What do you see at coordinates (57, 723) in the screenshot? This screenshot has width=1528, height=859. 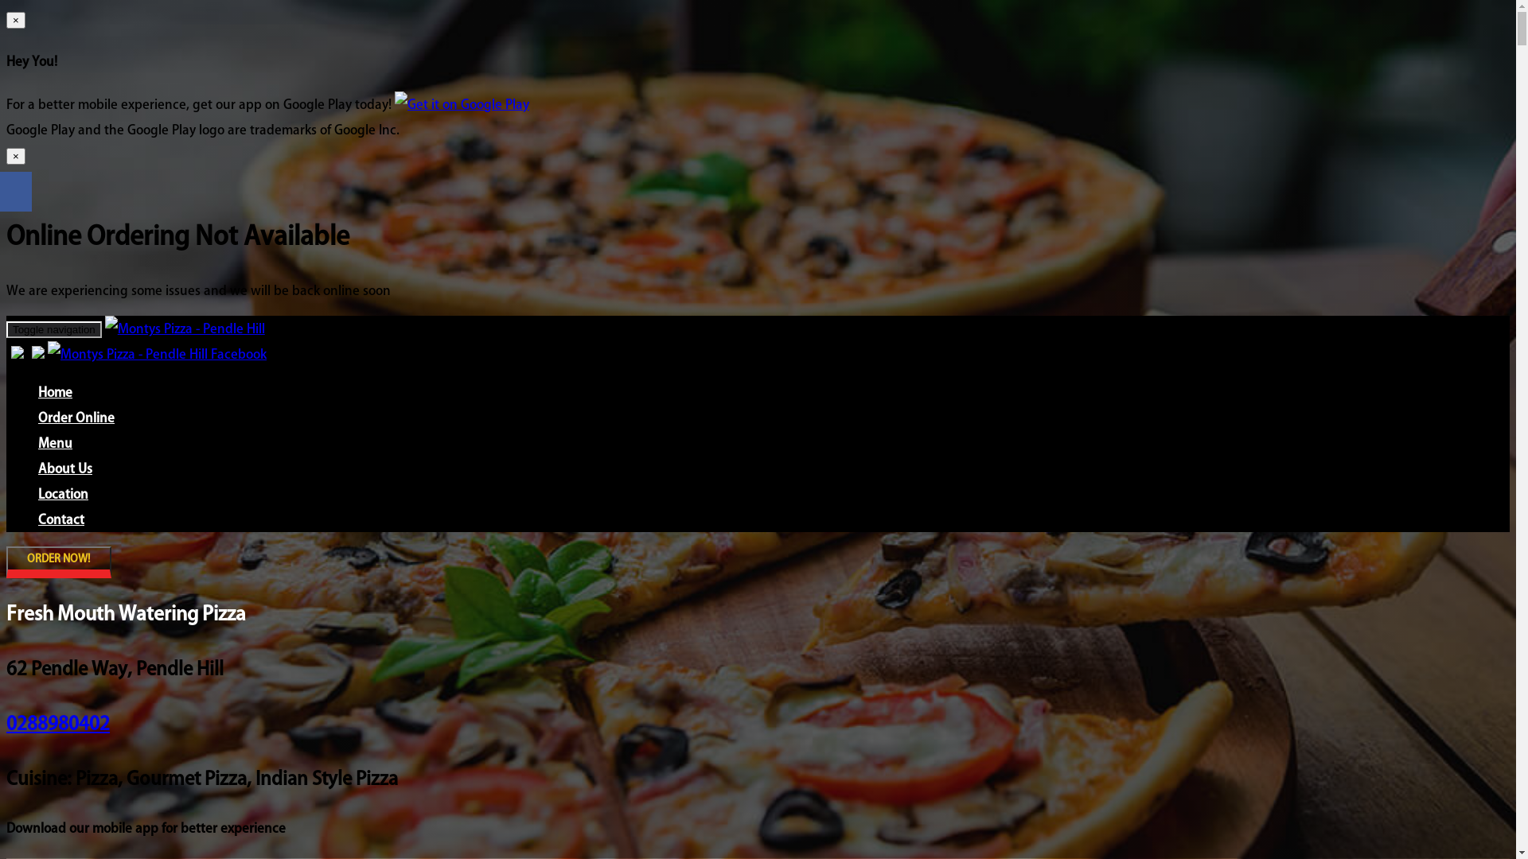 I see `'0288980402'` at bounding box center [57, 723].